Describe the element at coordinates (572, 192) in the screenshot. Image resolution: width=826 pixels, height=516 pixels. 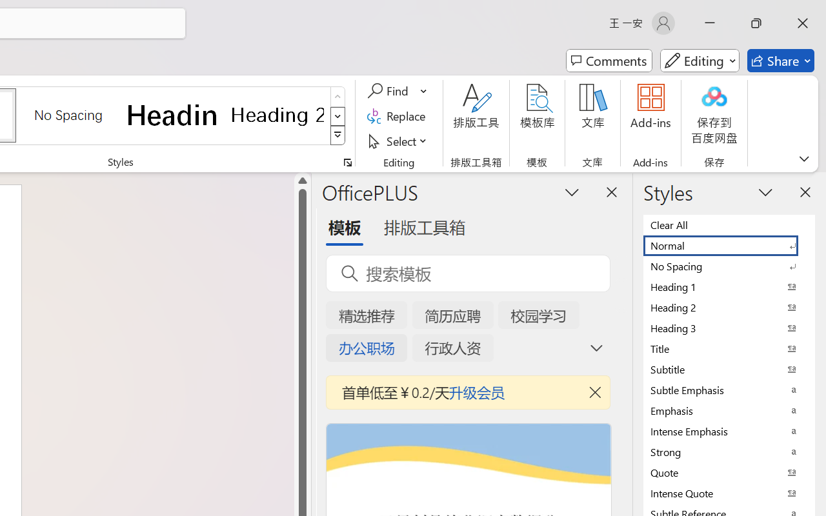
I see `'Task Pane Options'` at that location.